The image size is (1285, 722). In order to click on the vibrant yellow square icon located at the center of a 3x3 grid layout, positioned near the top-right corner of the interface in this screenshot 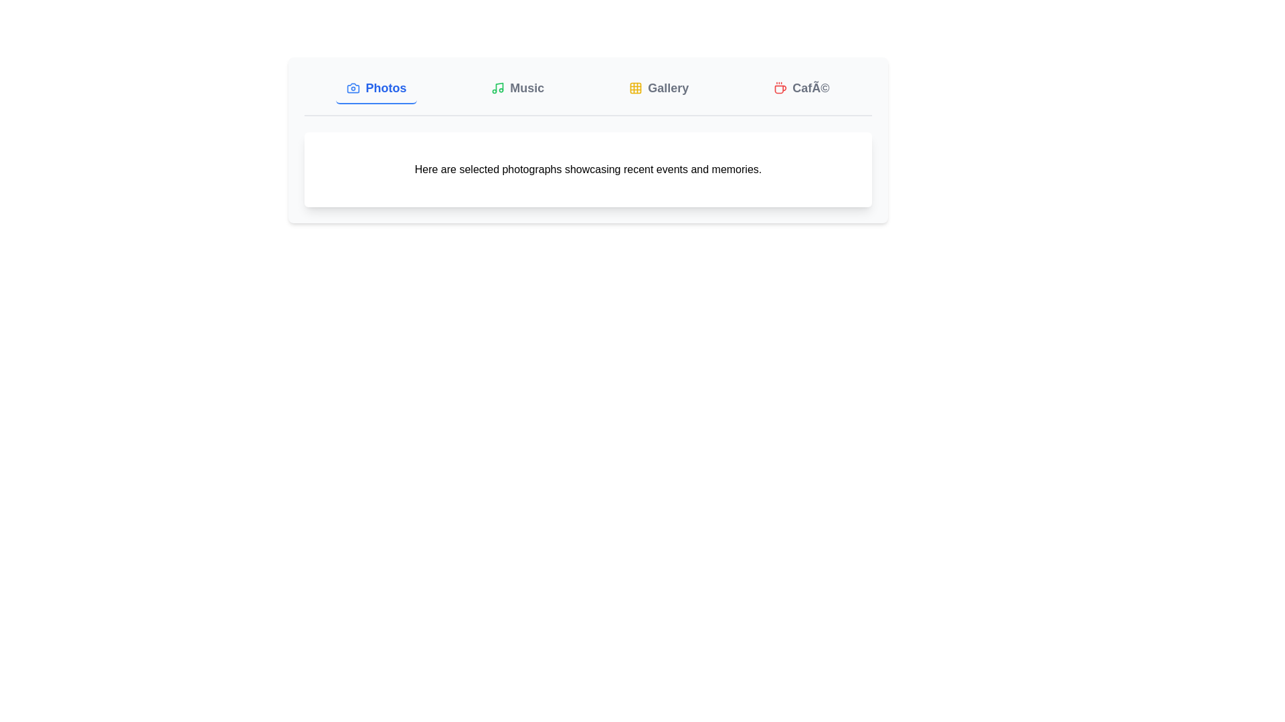, I will do `click(635, 88)`.